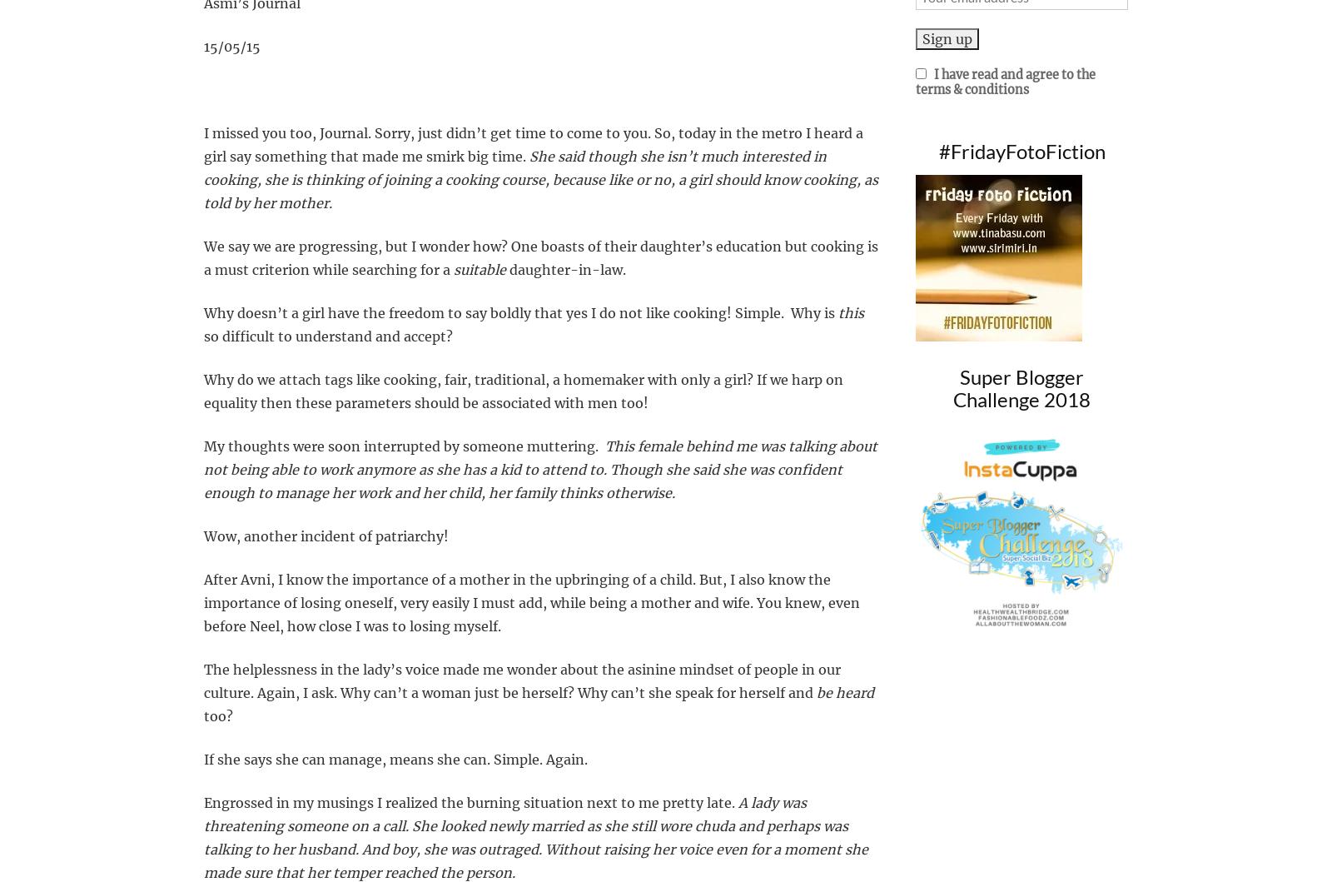 This screenshot has width=1332, height=882. I want to click on 'She said though she isn’t much interested in cooking, she is thinking of joining a cooking course, because like or no, a girl should know cooking, as told by her mother.', so click(540, 180).